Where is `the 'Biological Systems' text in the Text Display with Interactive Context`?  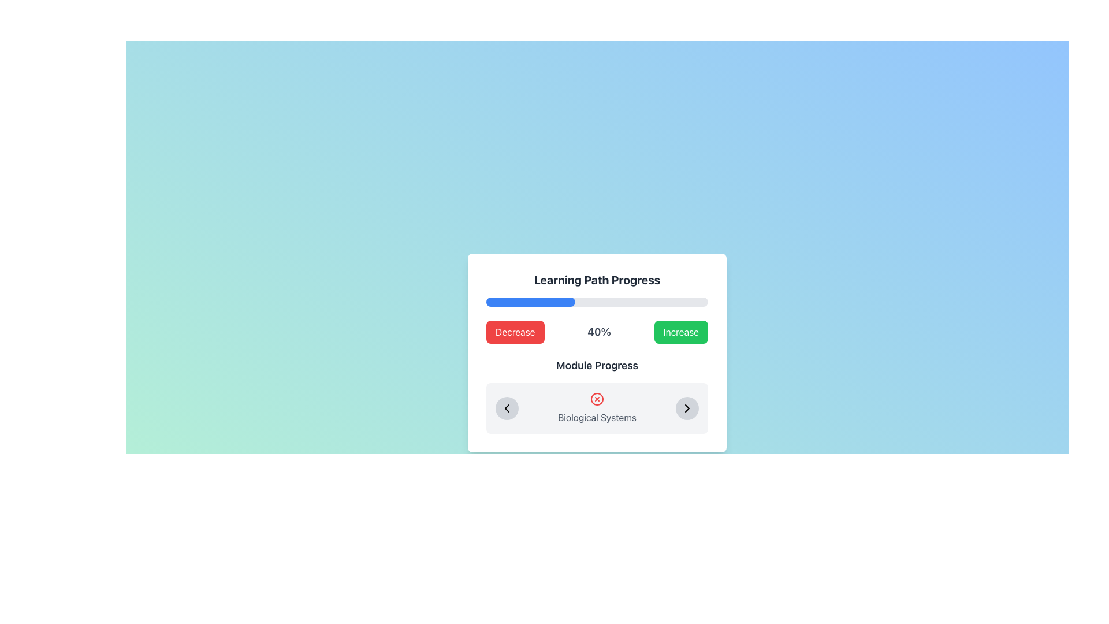
the 'Biological Systems' text in the Text Display with Interactive Context is located at coordinates (597, 407).